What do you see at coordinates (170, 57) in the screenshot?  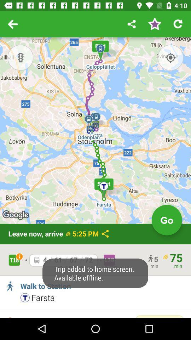 I see `zoom to the location` at bounding box center [170, 57].